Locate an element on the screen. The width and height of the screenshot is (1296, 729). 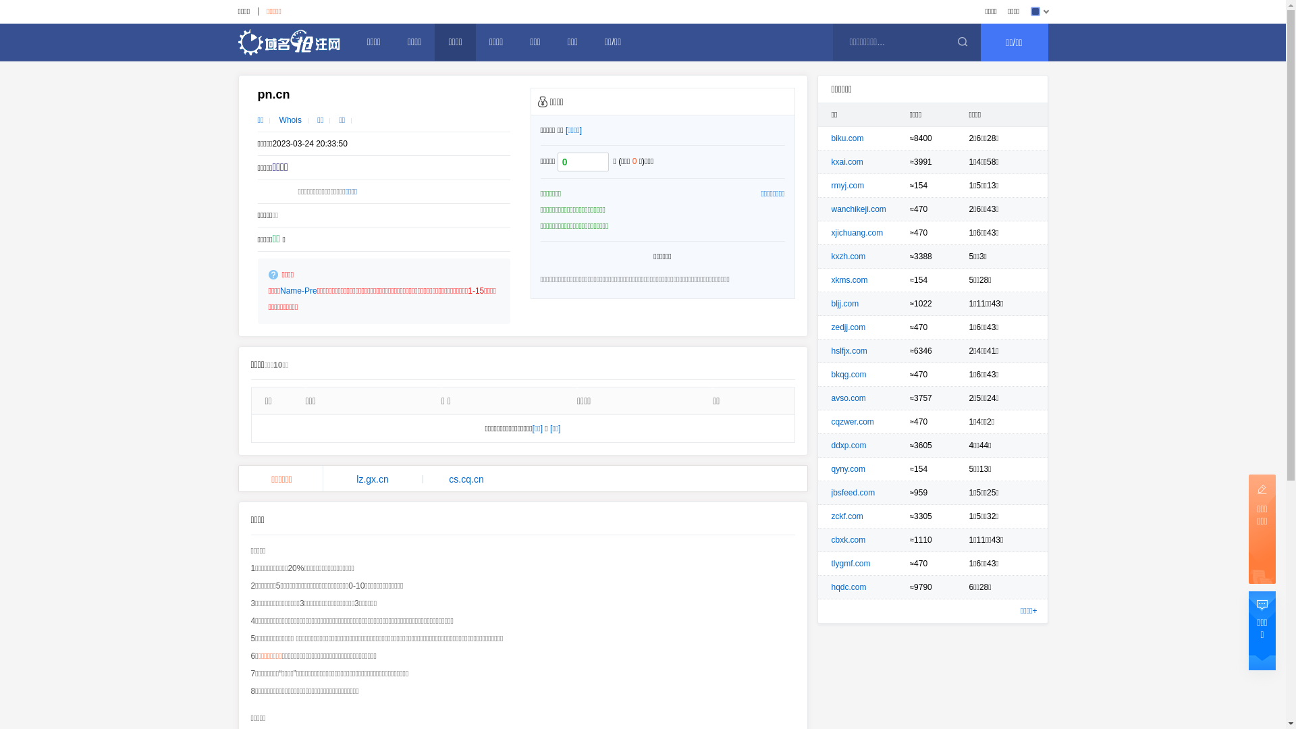
'bkqg.com' is located at coordinates (848, 375).